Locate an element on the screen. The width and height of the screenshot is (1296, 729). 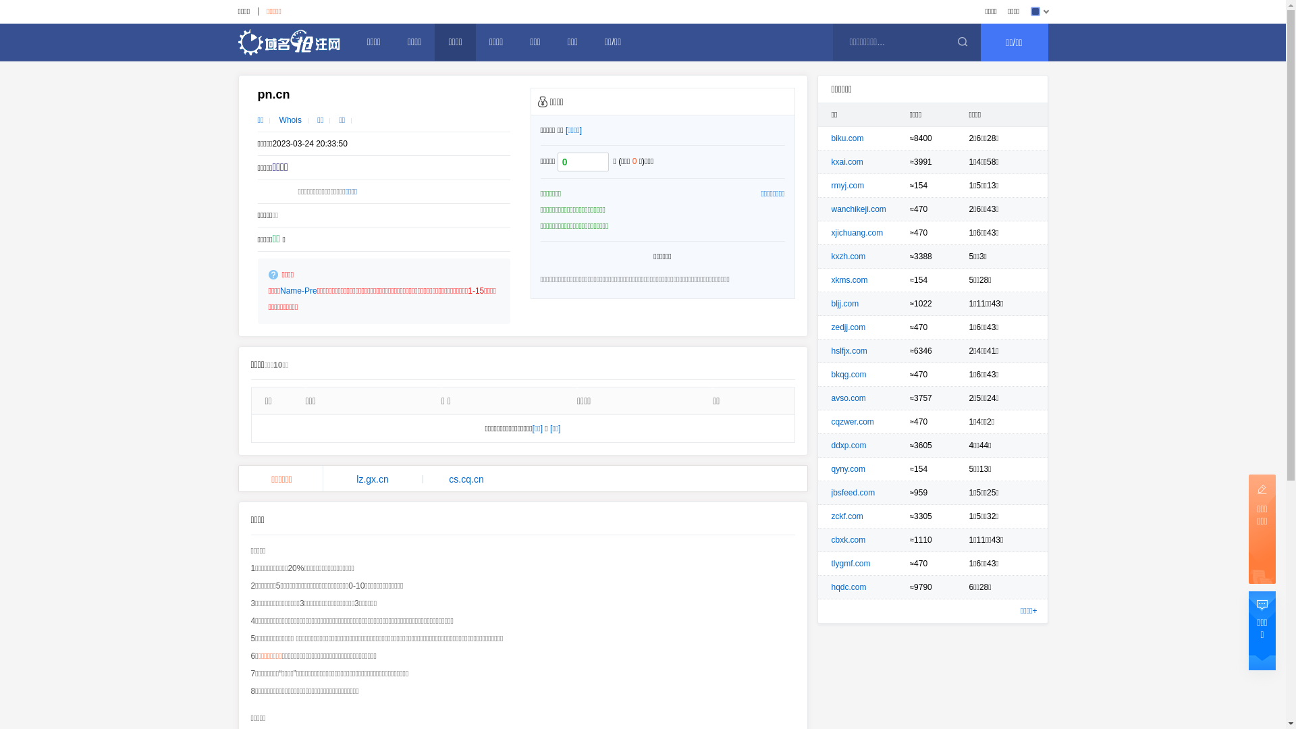
'bkqg.com' is located at coordinates (848, 375).